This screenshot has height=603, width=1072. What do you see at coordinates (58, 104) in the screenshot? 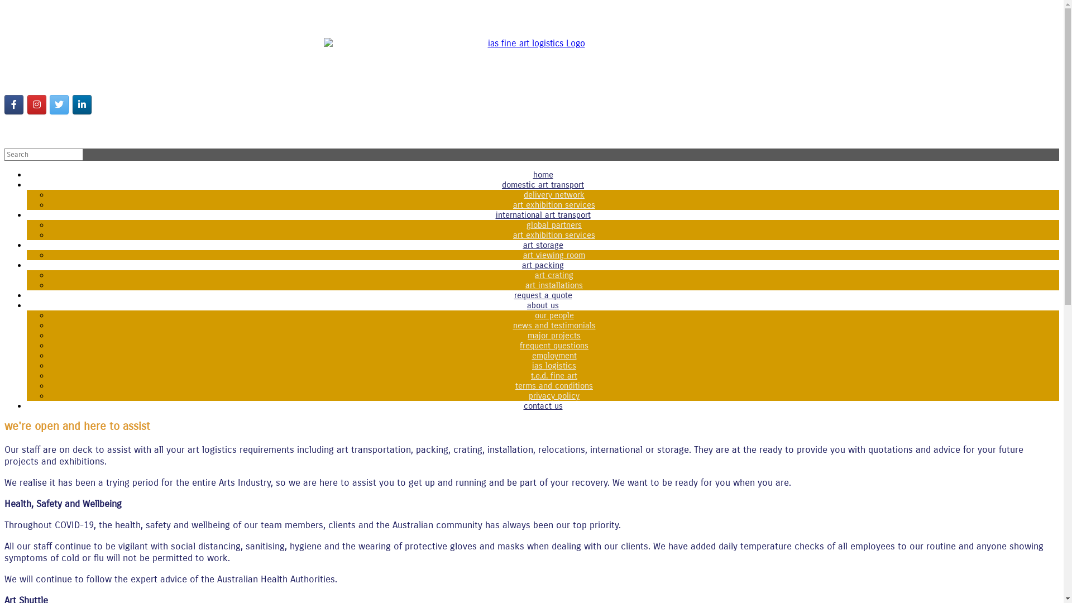
I see `'ias fine art logistics on Twitter'` at bounding box center [58, 104].